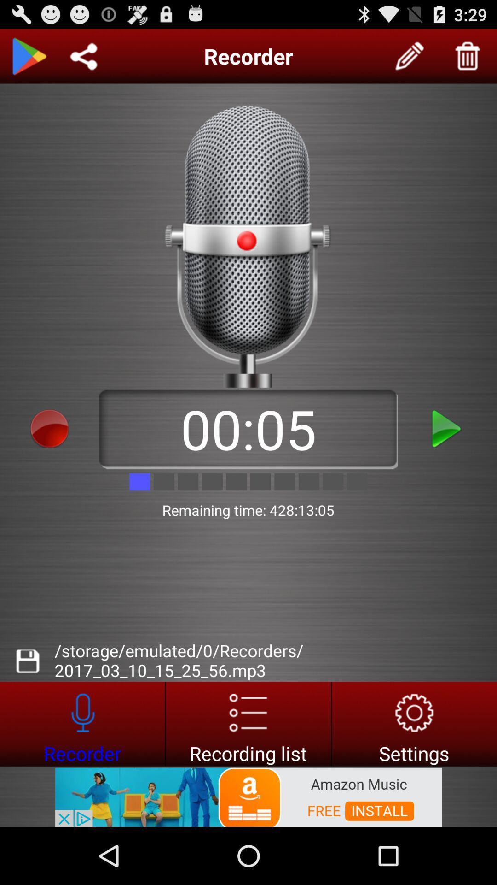  Describe the element at coordinates (447, 428) in the screenshot. I see `this record` at that location.